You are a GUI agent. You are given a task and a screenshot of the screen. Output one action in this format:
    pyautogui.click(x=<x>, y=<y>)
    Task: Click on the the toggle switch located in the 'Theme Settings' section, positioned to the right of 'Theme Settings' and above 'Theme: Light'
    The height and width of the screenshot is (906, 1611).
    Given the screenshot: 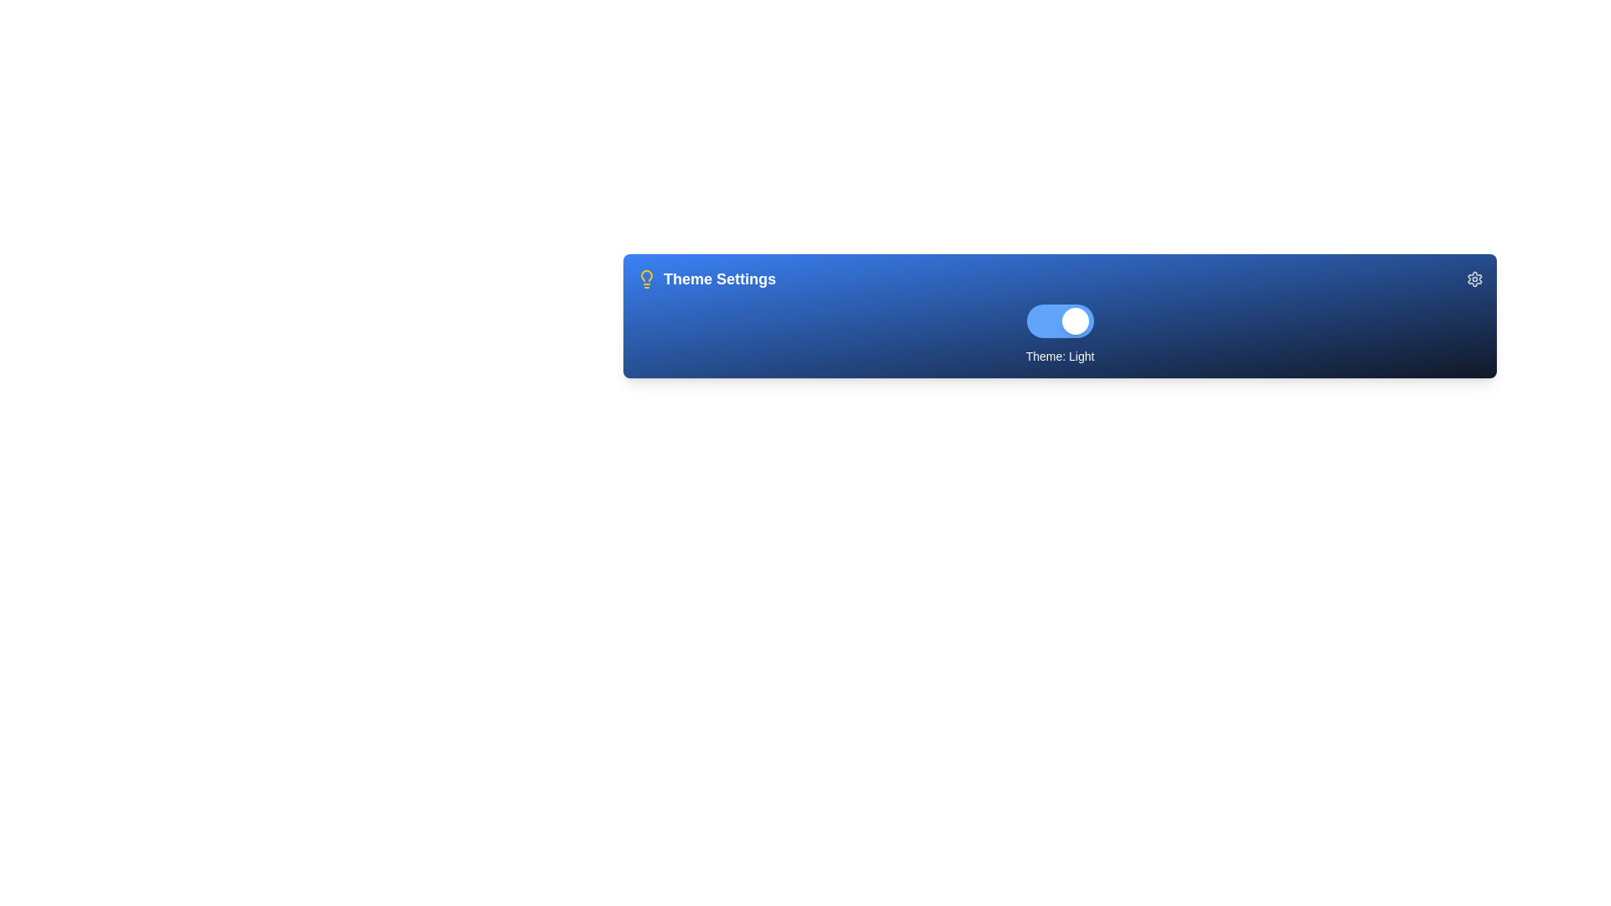 What is the action you would take?
    pyautogui.click(x=1059, y=320)
    